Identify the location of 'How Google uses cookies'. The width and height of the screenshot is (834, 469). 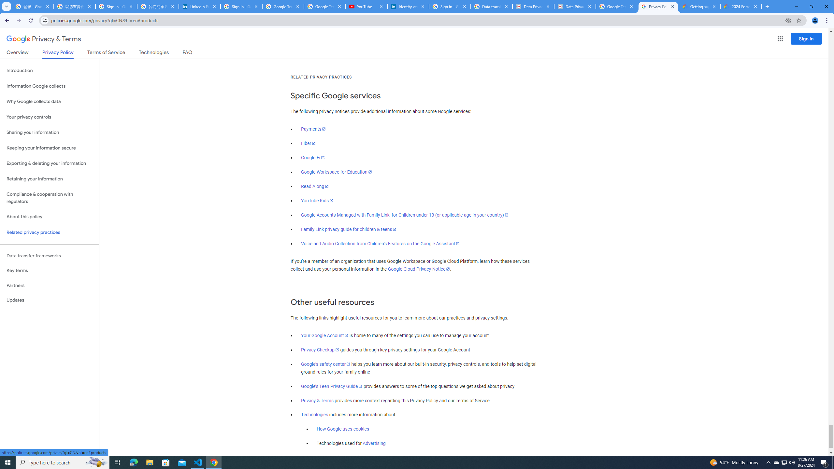
(343, 429).